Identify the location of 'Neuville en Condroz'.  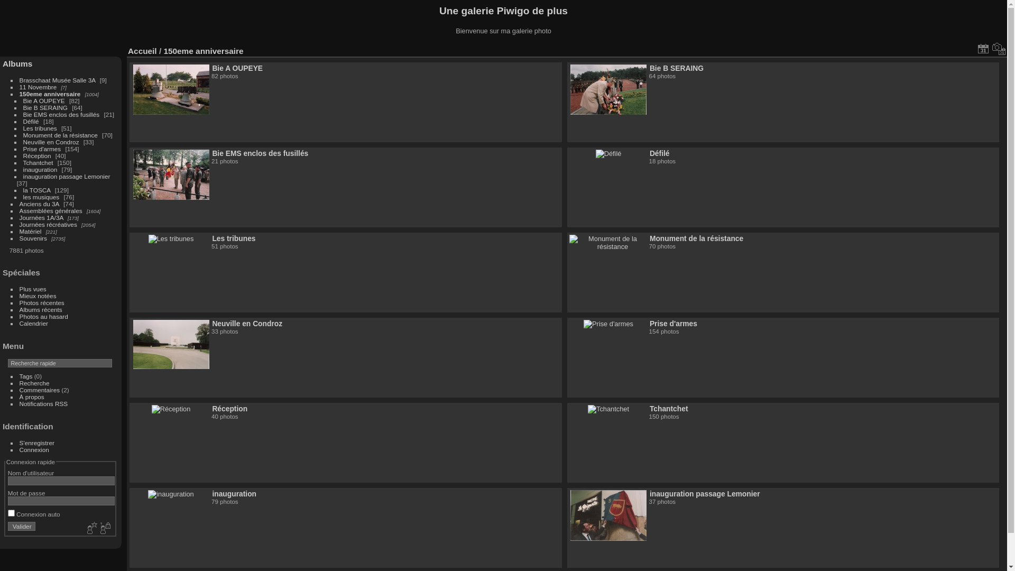
(246, 323).